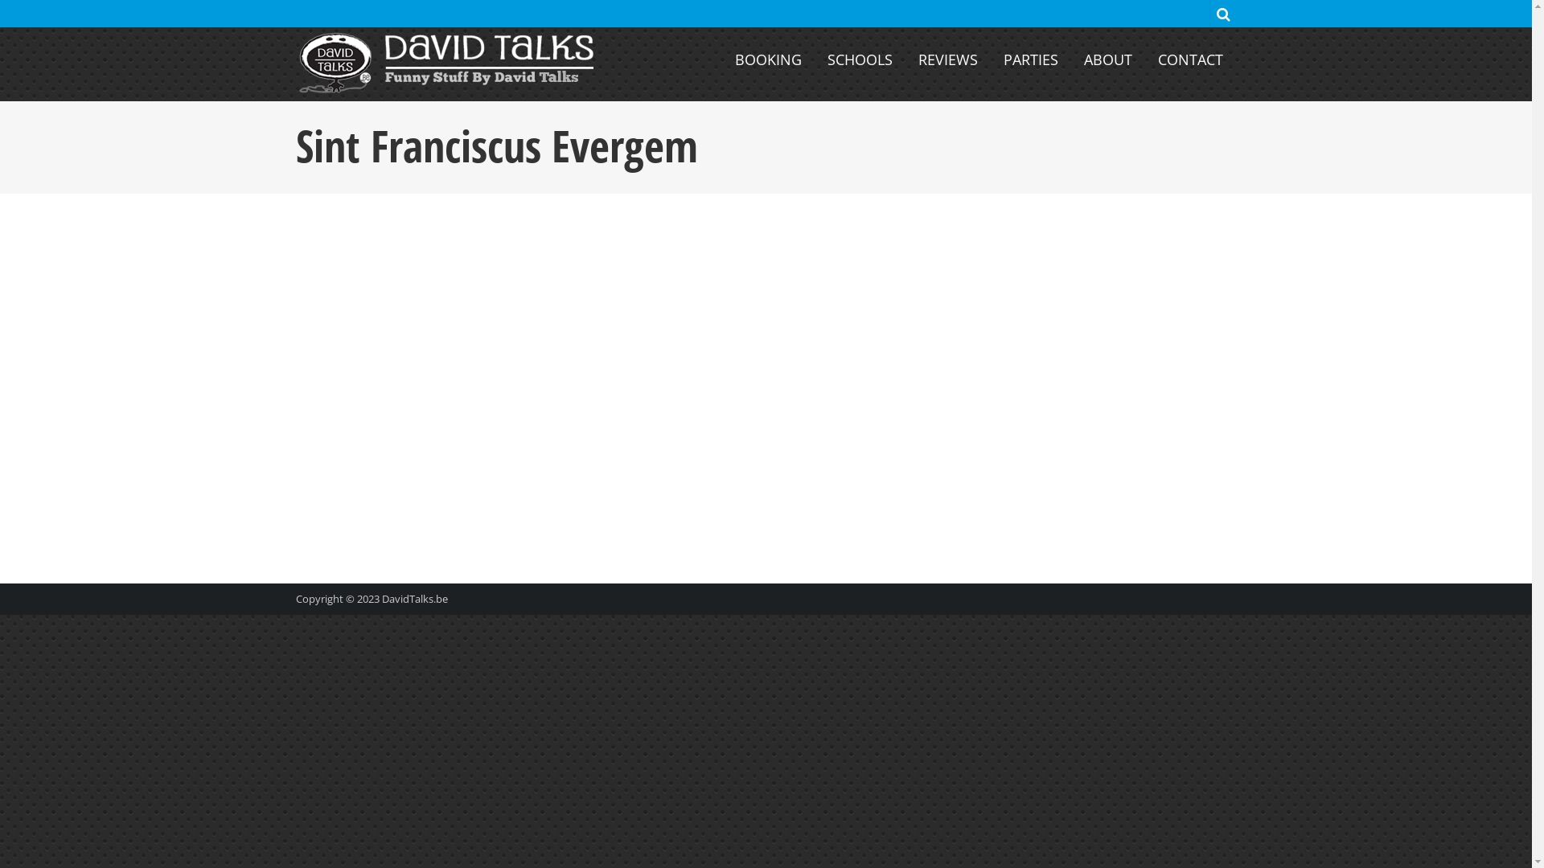  Describe the element at coordinates (413, 598) in the screenshot. I see `'DavidTalks.be'` at that location.